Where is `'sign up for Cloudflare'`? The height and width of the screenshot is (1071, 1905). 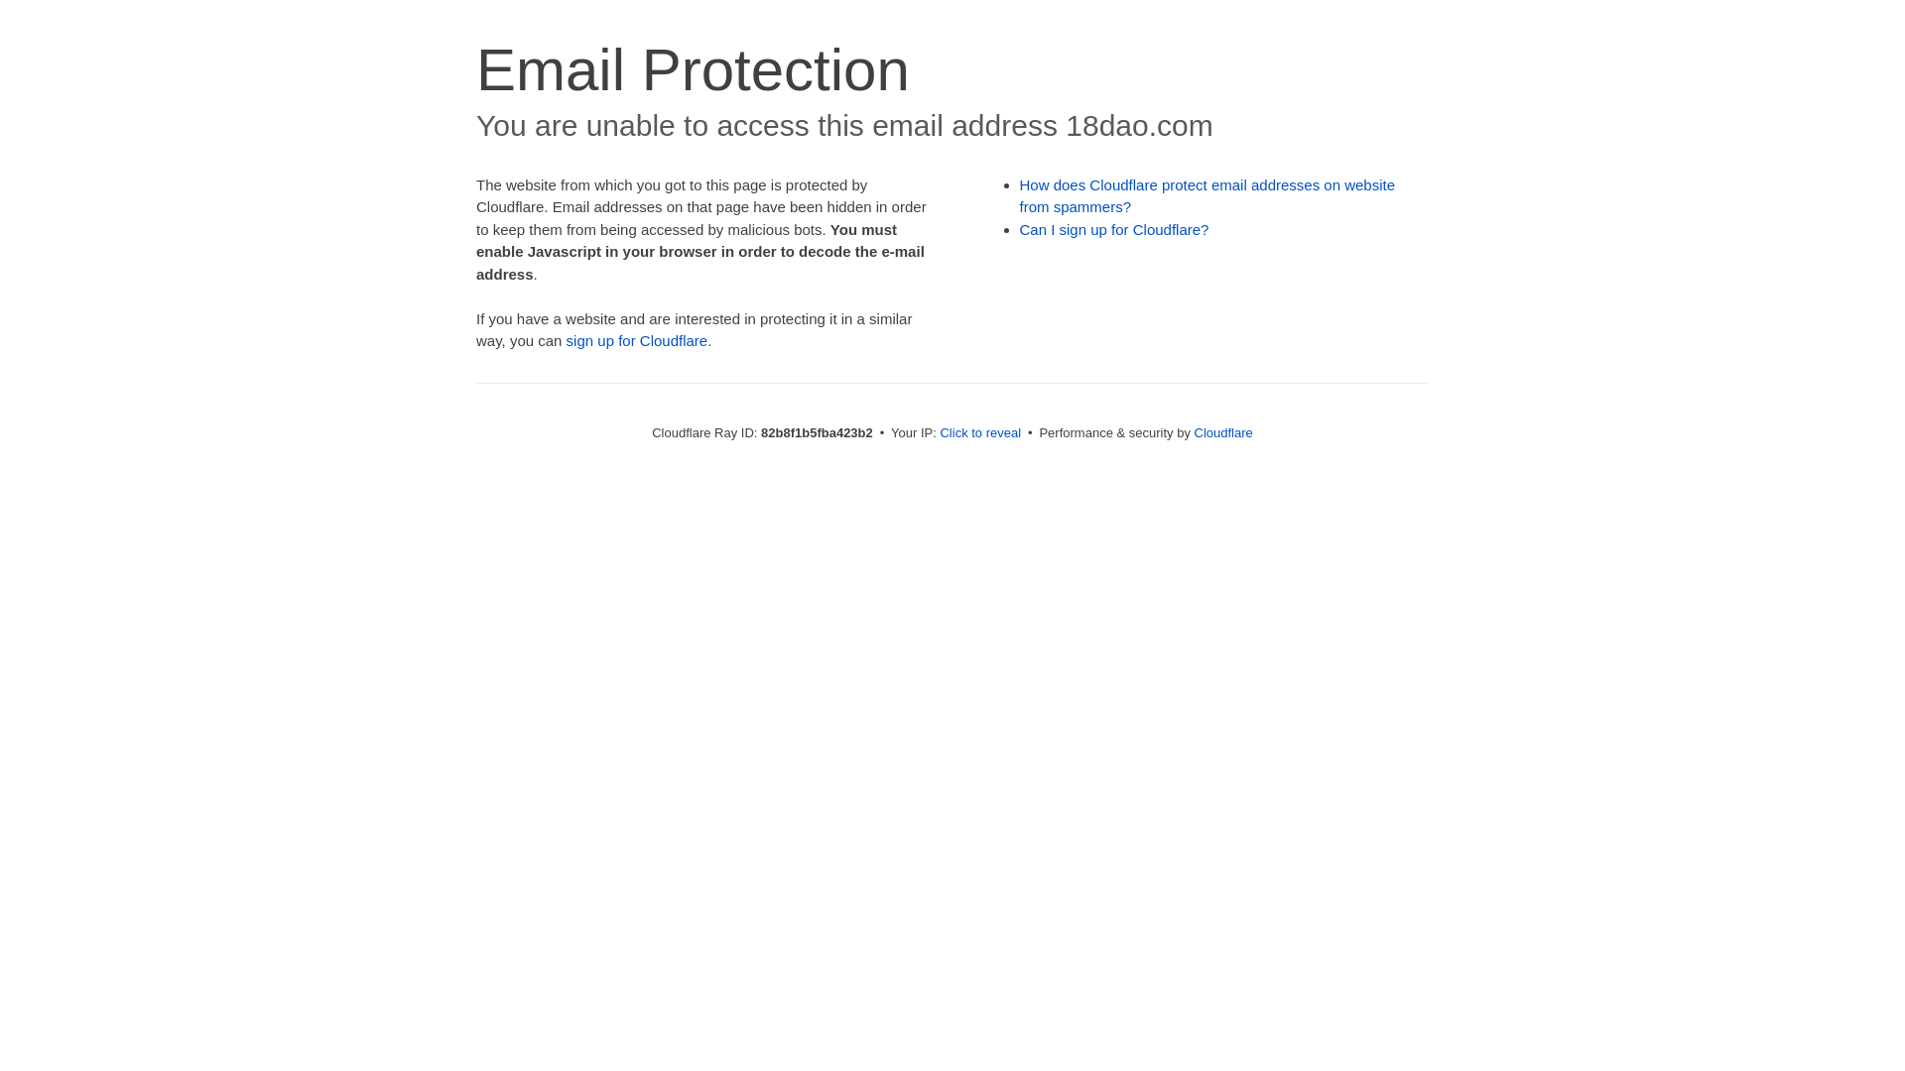
'sign up for Cloudflare' is located at coordinates (566, 339).